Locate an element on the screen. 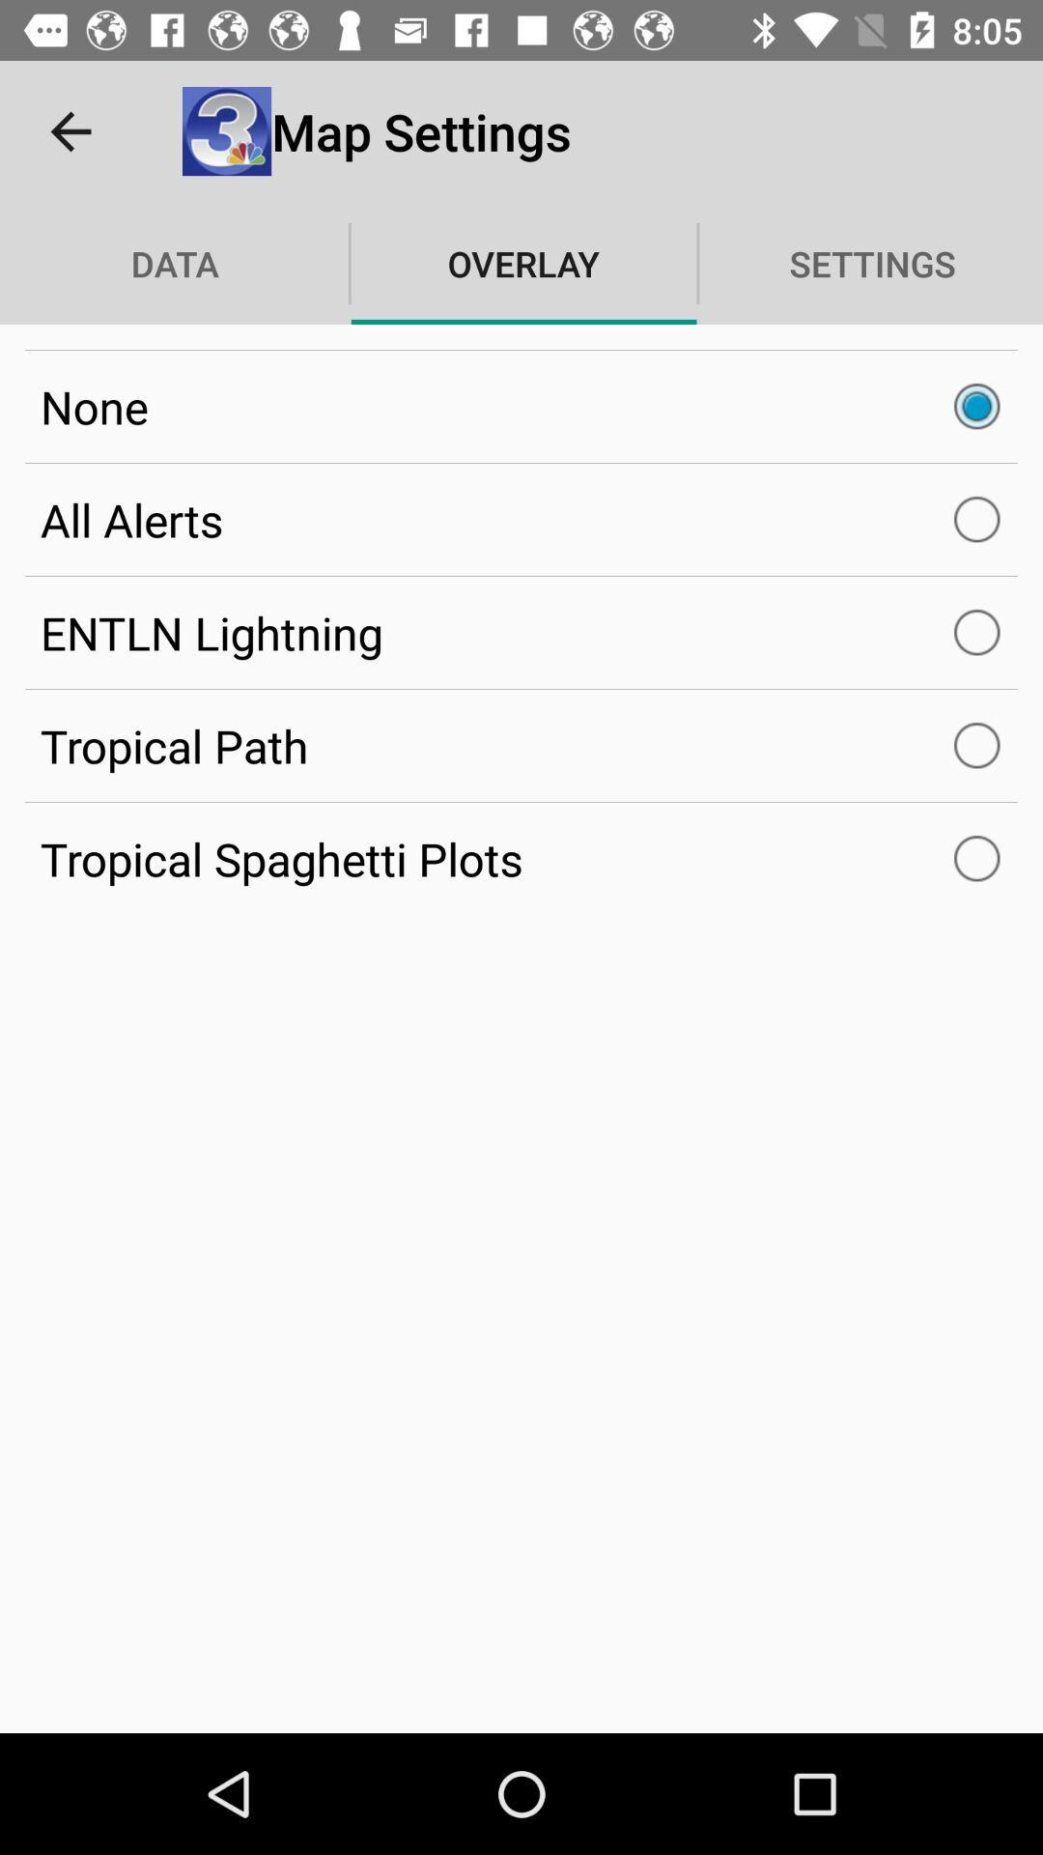  the item below none is located at coordinates (521, 520).